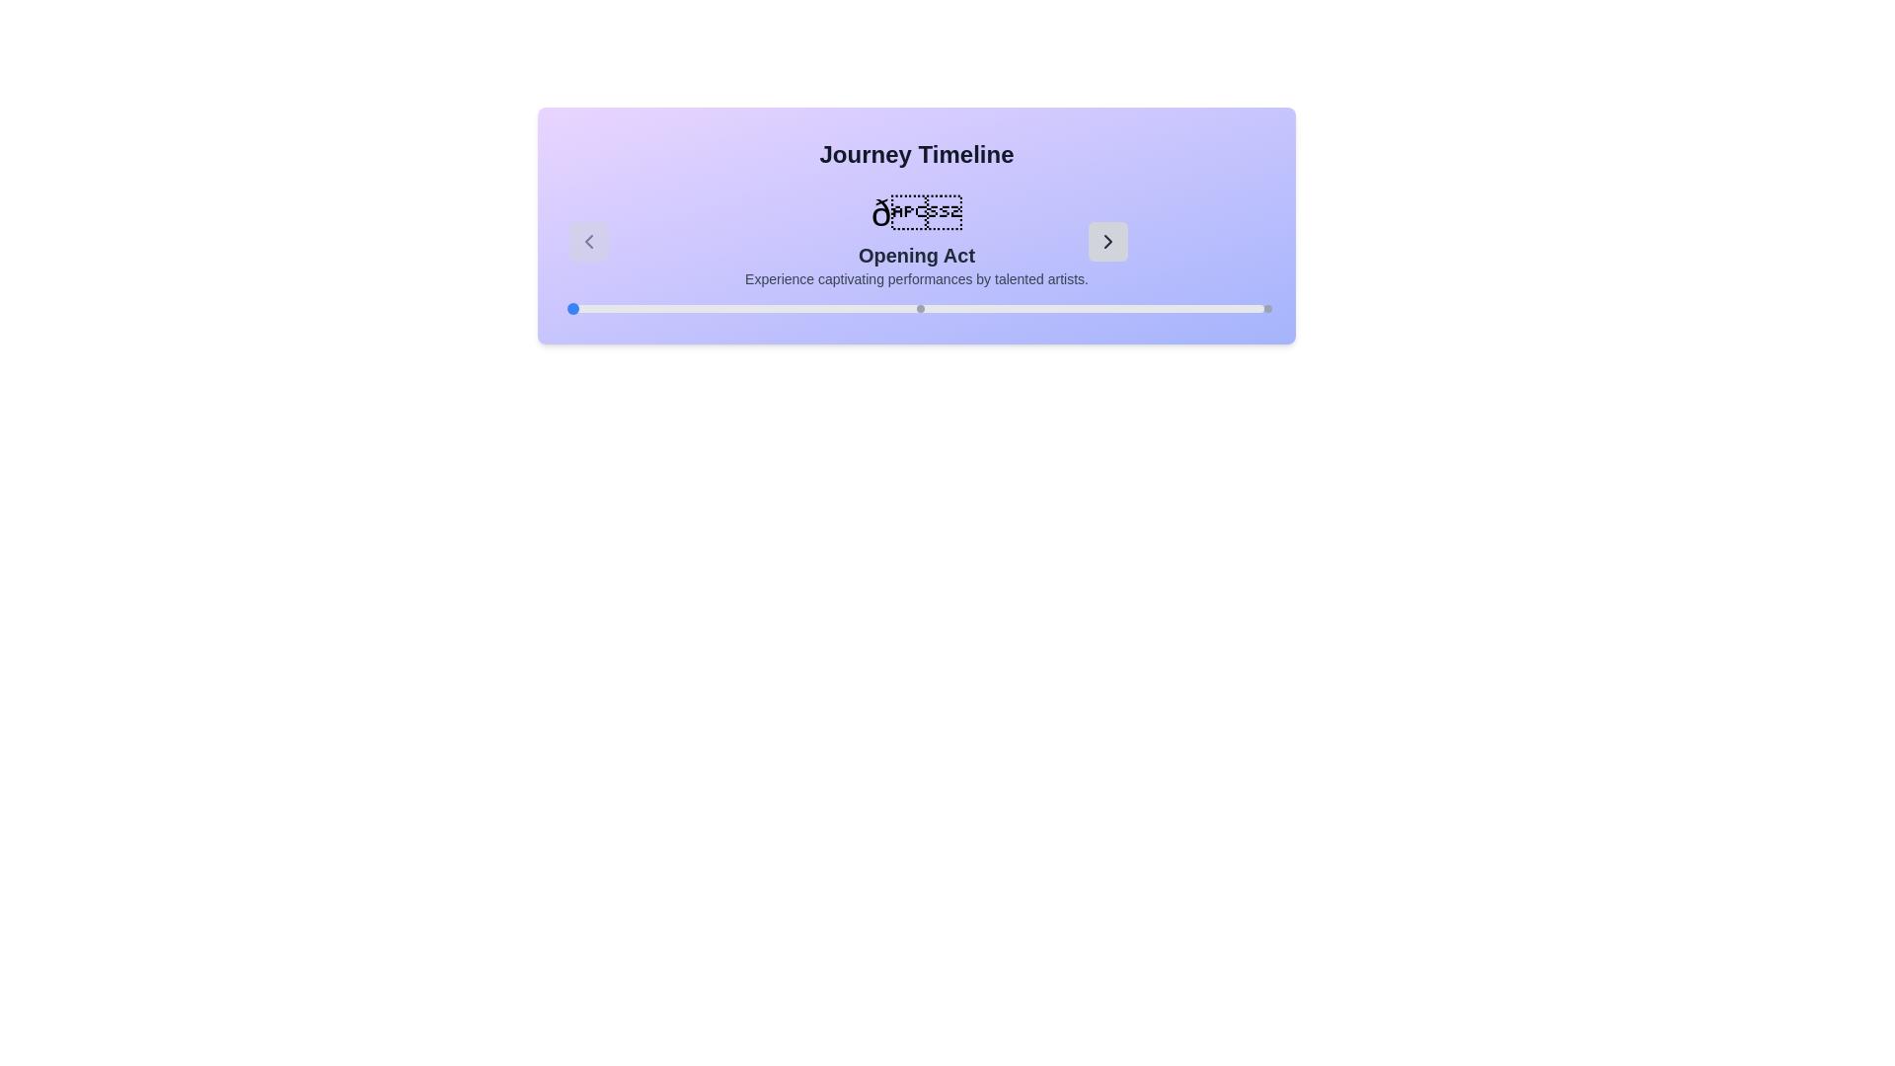 The height and width of the screenshot is (1066, 1895). What do you see at coordinates (805, 308) in the screenshot?
I see `the slider position` at bounding box center [805, 308].